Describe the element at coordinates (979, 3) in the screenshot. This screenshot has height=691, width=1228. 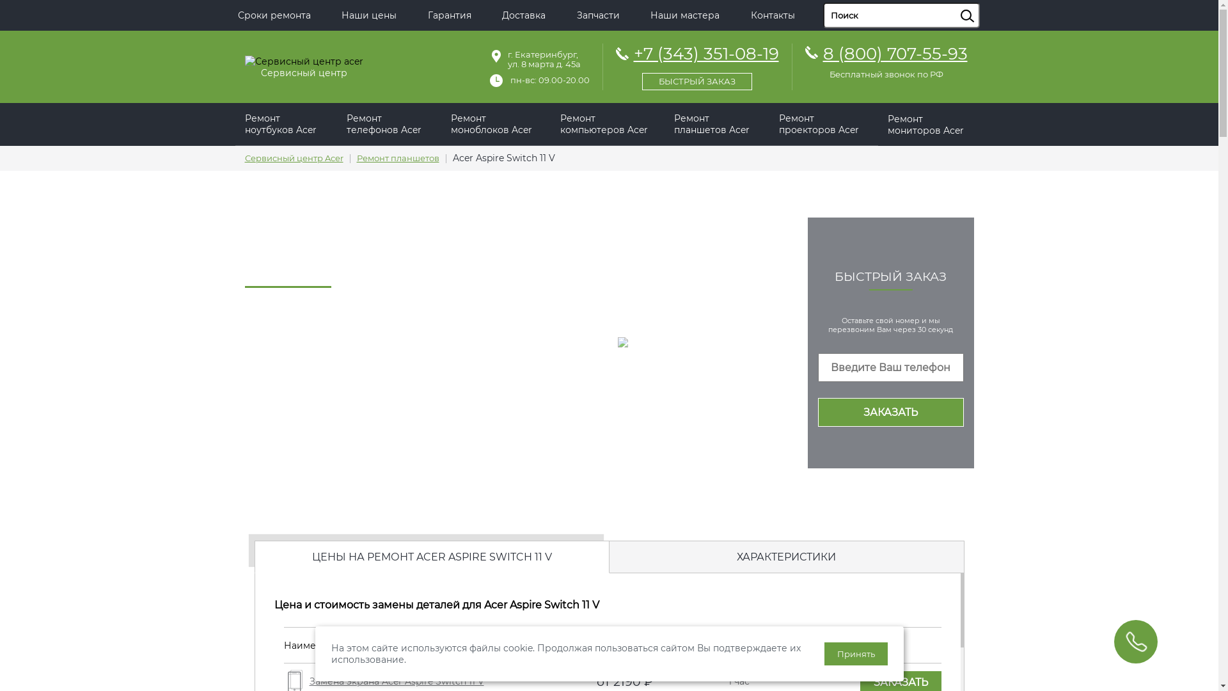
I see `'sisea.search'` at that location.